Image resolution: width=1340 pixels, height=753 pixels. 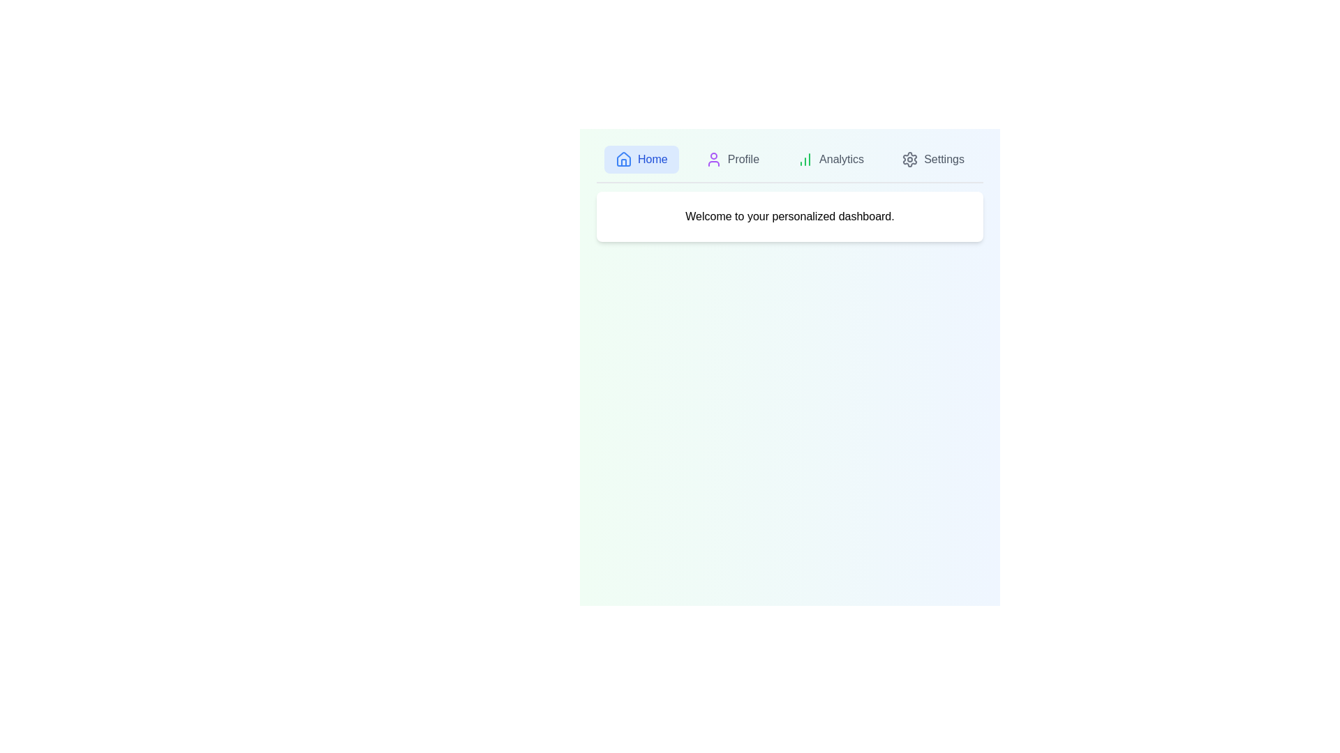 What do you see at coordinates (640, 158) in the screenshot?
I see `the tab labeled Home` at bounding box center [640, 158].